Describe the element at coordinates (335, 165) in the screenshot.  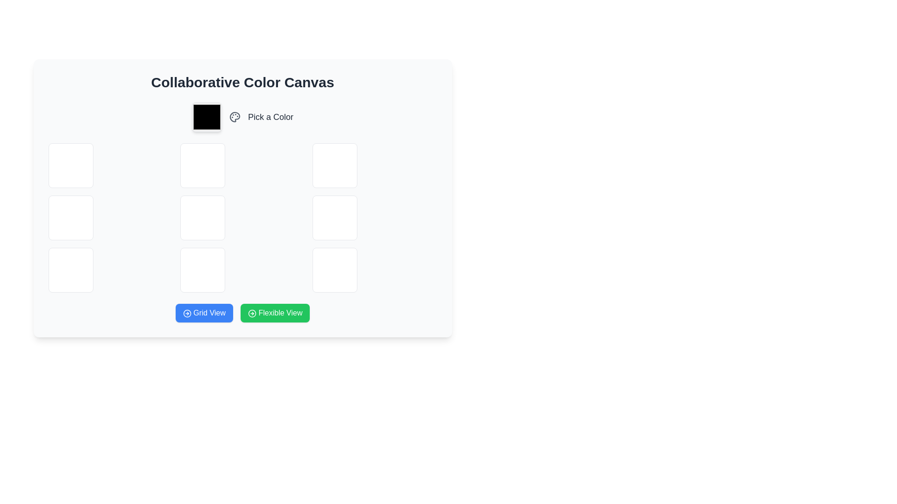
I see `to select the third box in the top row of the 3x3 grid, which is part of the 'Collaborative Color Canvas'` at that location.